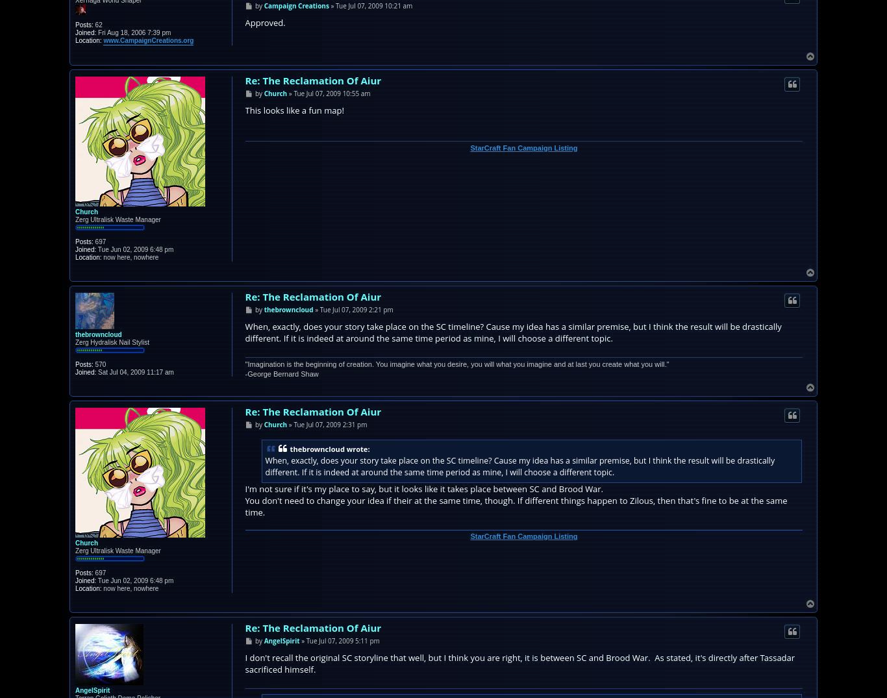 The height and width of the screenshot is (698, 887). I want to click on 'Approved.', so click(264, 21).